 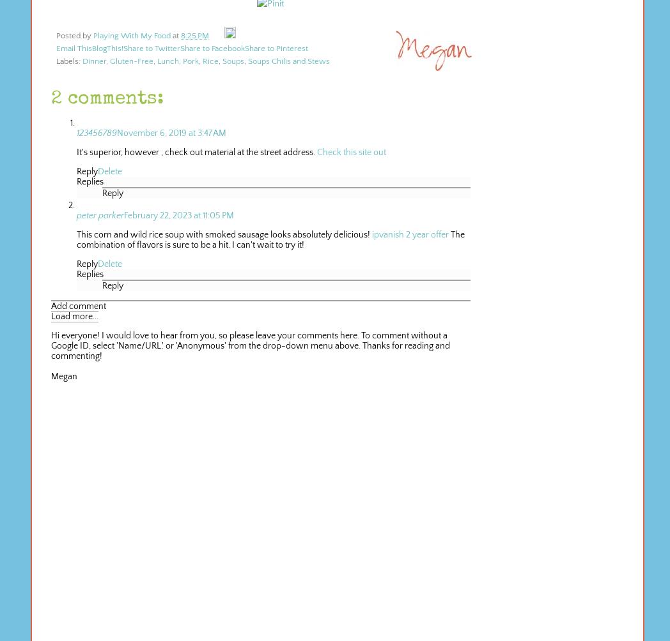 I want to click on 'Gluten-Free', so click(x=131, y=61).